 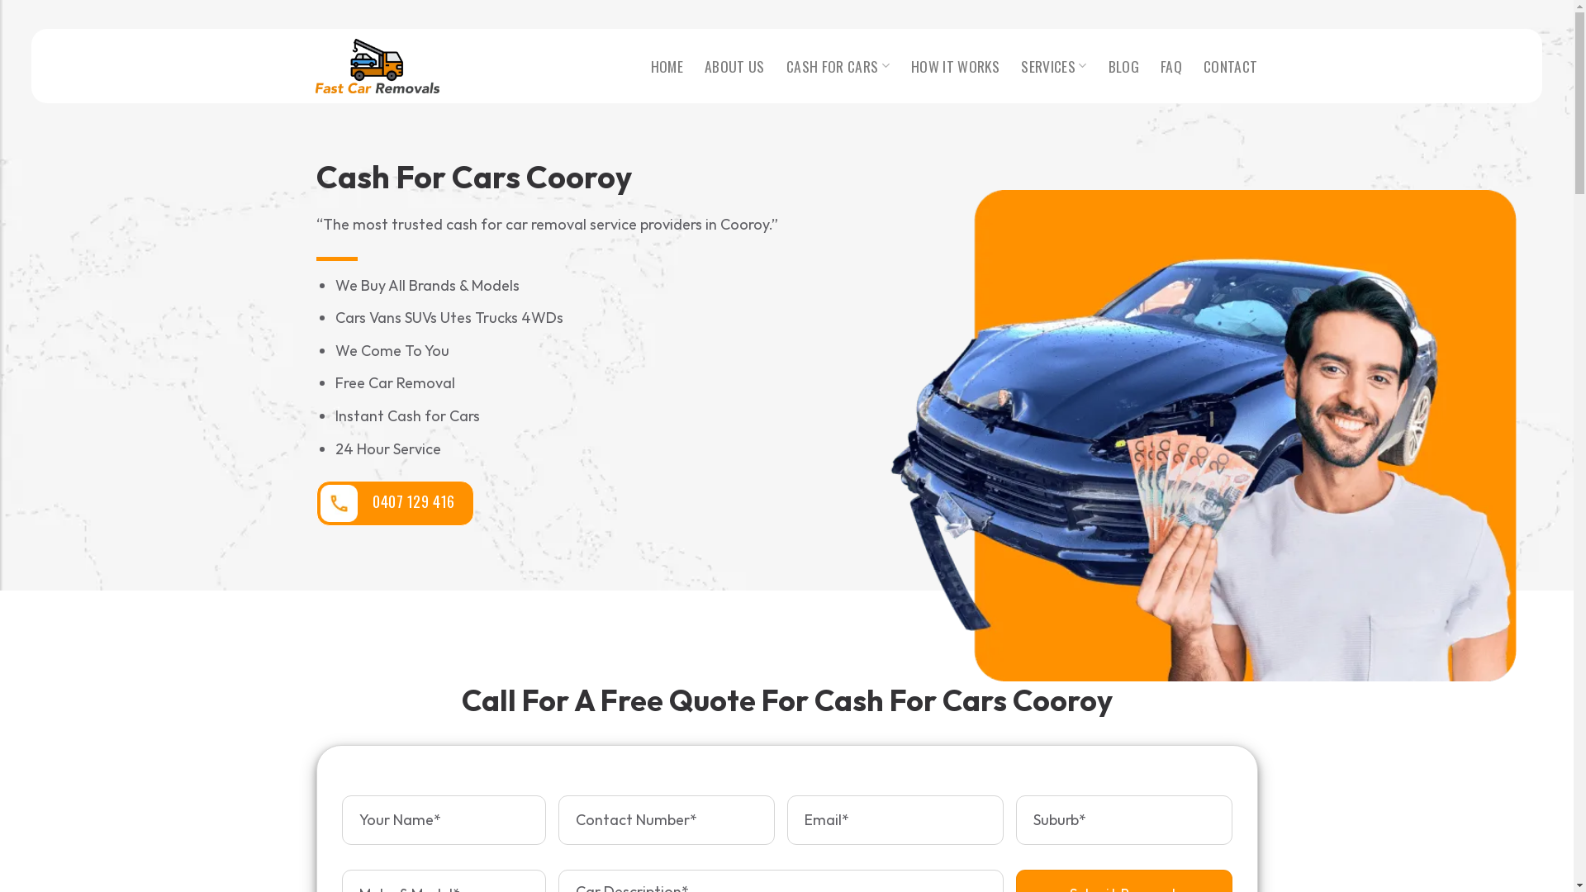 What do you see at coordinates (0, 0) in the screenshot?
I see `'Skip to content'` at bounding box center [0, 0].